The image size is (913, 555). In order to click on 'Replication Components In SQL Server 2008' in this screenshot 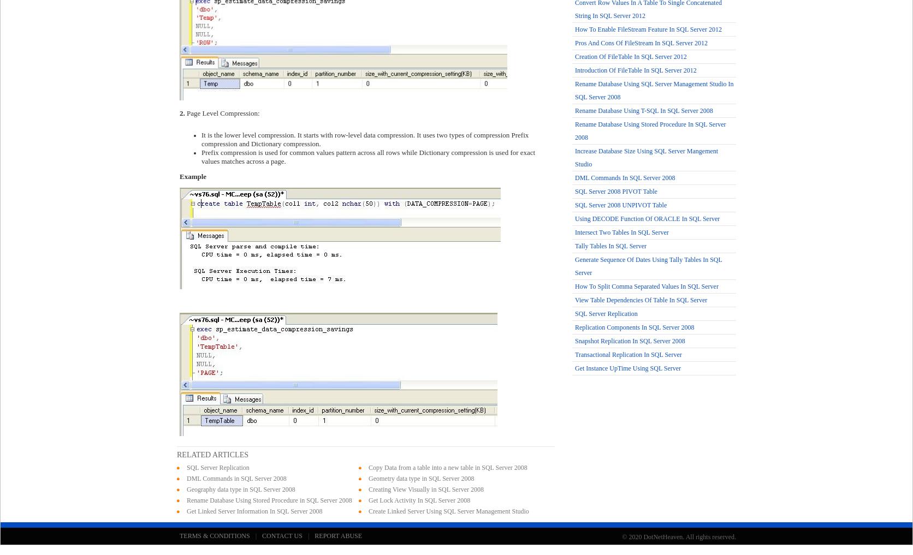, I will do `click(634, 327)`.